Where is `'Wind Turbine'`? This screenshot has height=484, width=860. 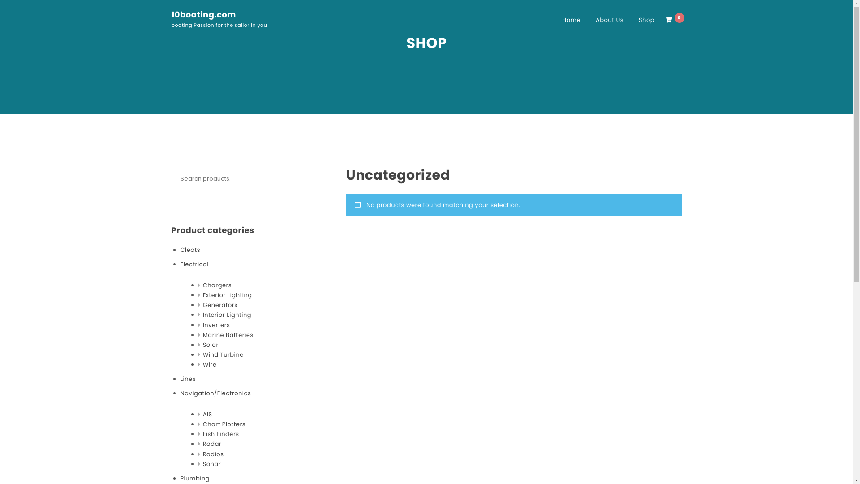
'Wind Turbine' is located at coordinates (223, 354).